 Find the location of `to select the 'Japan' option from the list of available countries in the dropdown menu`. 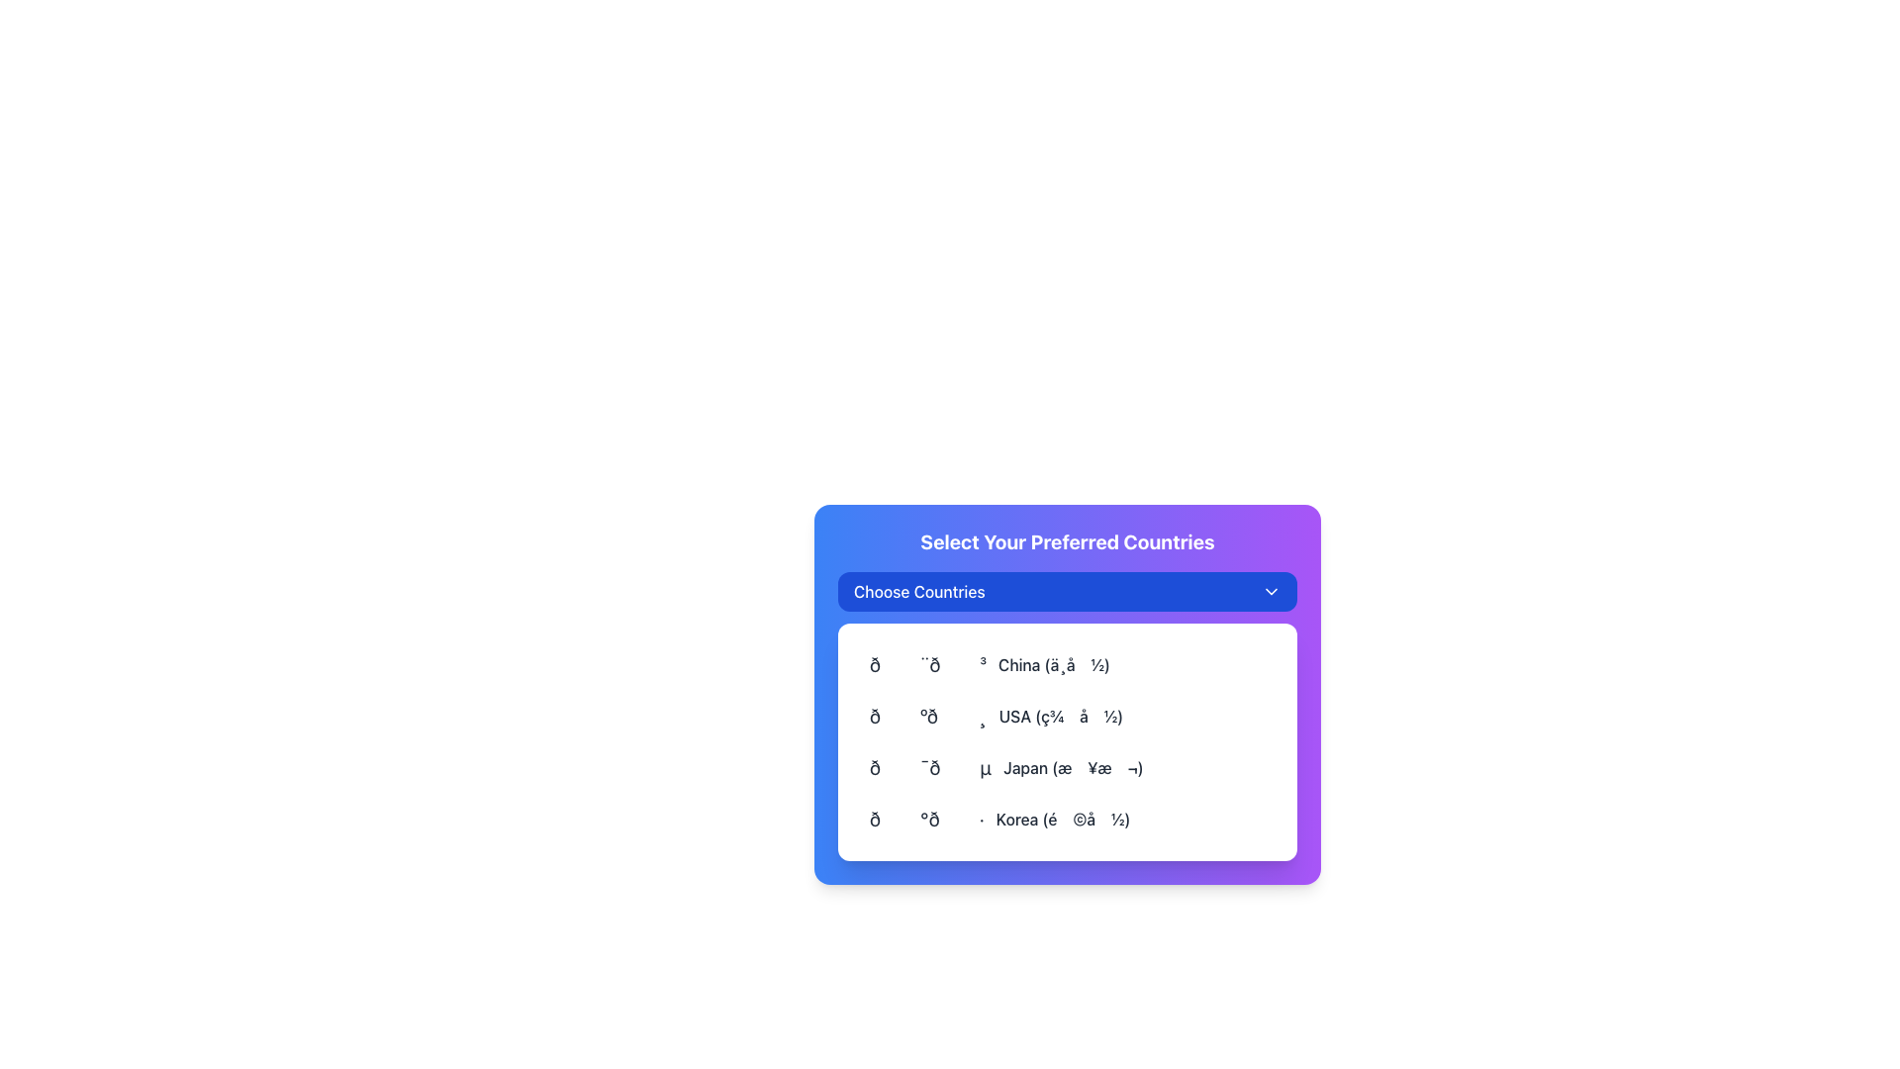

to select the 'Japan' option from the list of available countries in the dropdown menu is located at coordinates (1067, 766).